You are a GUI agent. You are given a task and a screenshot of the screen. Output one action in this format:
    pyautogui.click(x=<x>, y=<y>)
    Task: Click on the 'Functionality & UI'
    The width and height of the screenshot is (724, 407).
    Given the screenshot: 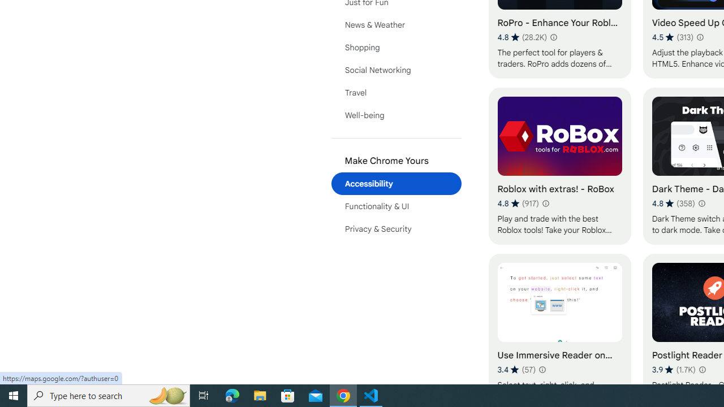 What is the action you would take?
    pyautogui.click(x=396, y=206)
    